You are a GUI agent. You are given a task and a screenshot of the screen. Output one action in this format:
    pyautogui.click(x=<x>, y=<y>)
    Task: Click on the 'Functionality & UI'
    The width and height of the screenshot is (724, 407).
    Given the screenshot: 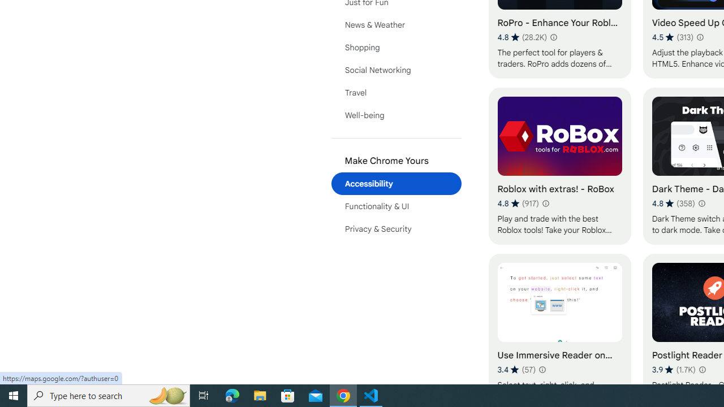 What is the action you would take?
    pyautogui.click(x=396, y=206)
    